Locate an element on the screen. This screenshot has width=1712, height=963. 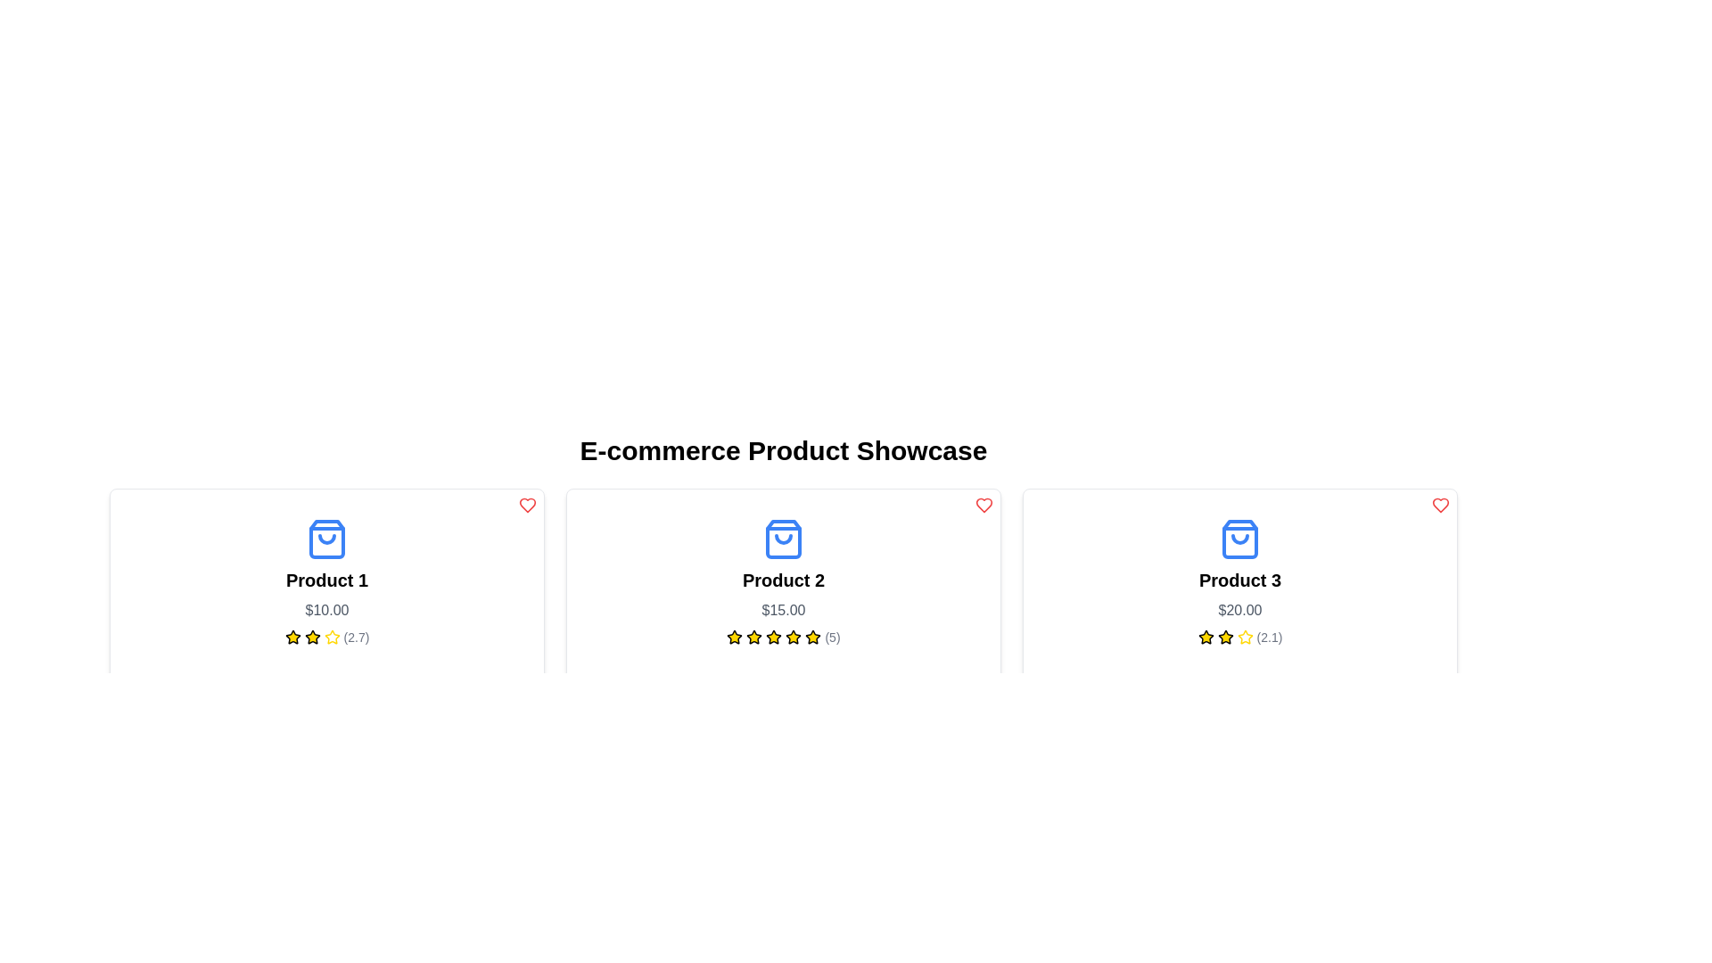
the rating indicator text '(2.7)' located below the product image and price of 'Product 1', positioned immediately to the right of the last star icon is located at coordinates (356, 636).